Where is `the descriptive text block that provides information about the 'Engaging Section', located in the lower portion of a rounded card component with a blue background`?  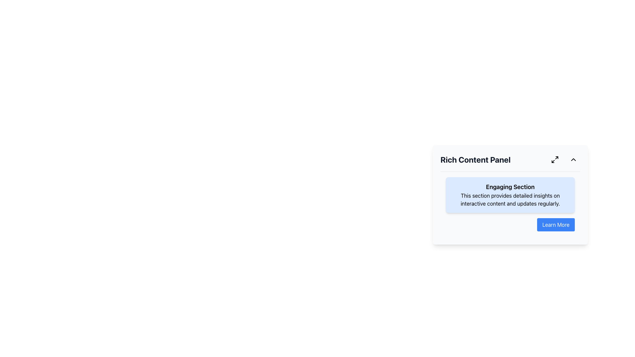
the descriptive text block that provides information about the 'Engaging Section', located in the lower portion of a rounded card component with a blue background is located at coordinates (510, 199).